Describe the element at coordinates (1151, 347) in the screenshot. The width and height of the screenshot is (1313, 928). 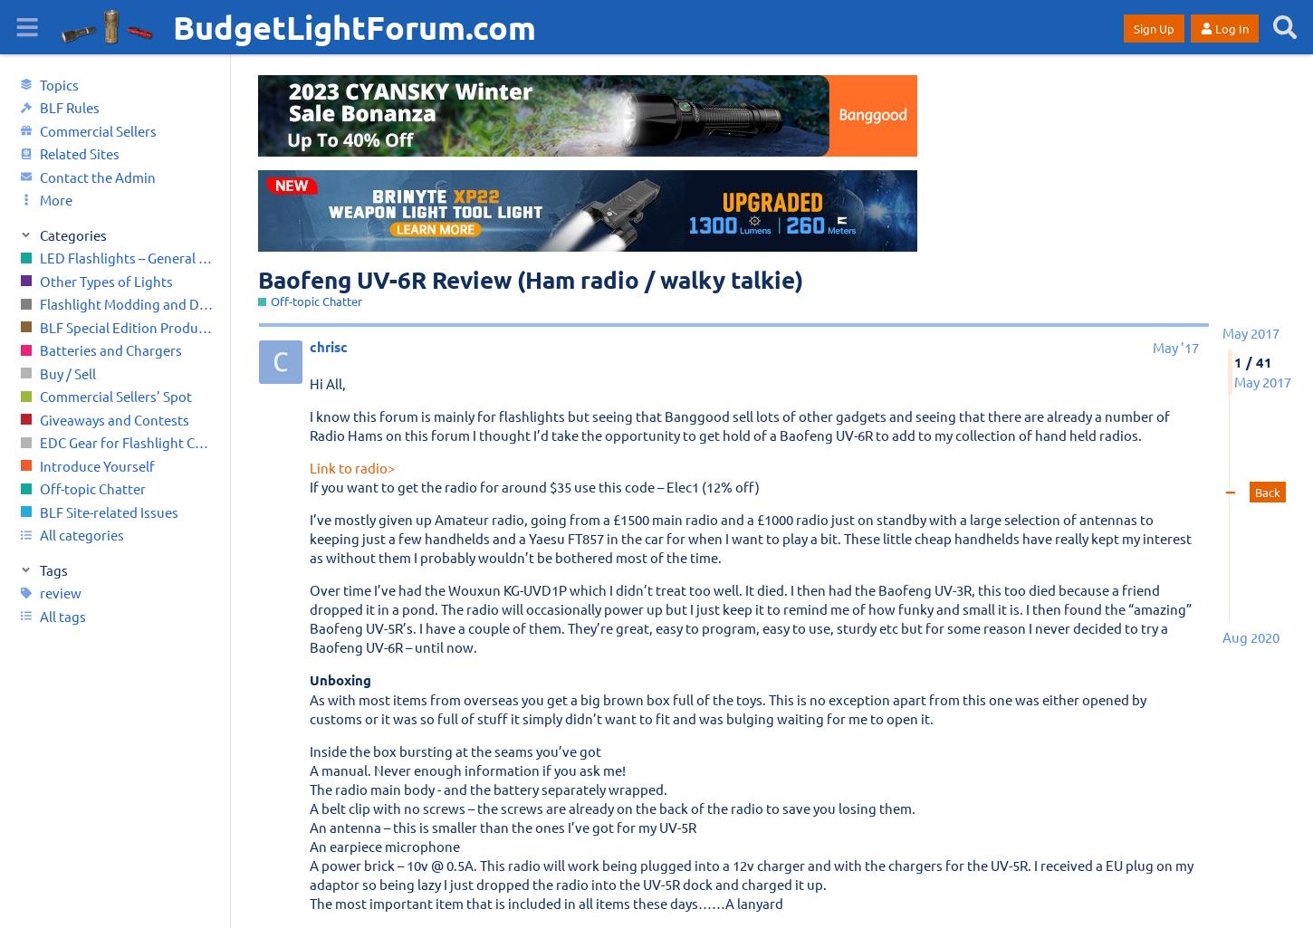
I see `'May '17'` at that location.